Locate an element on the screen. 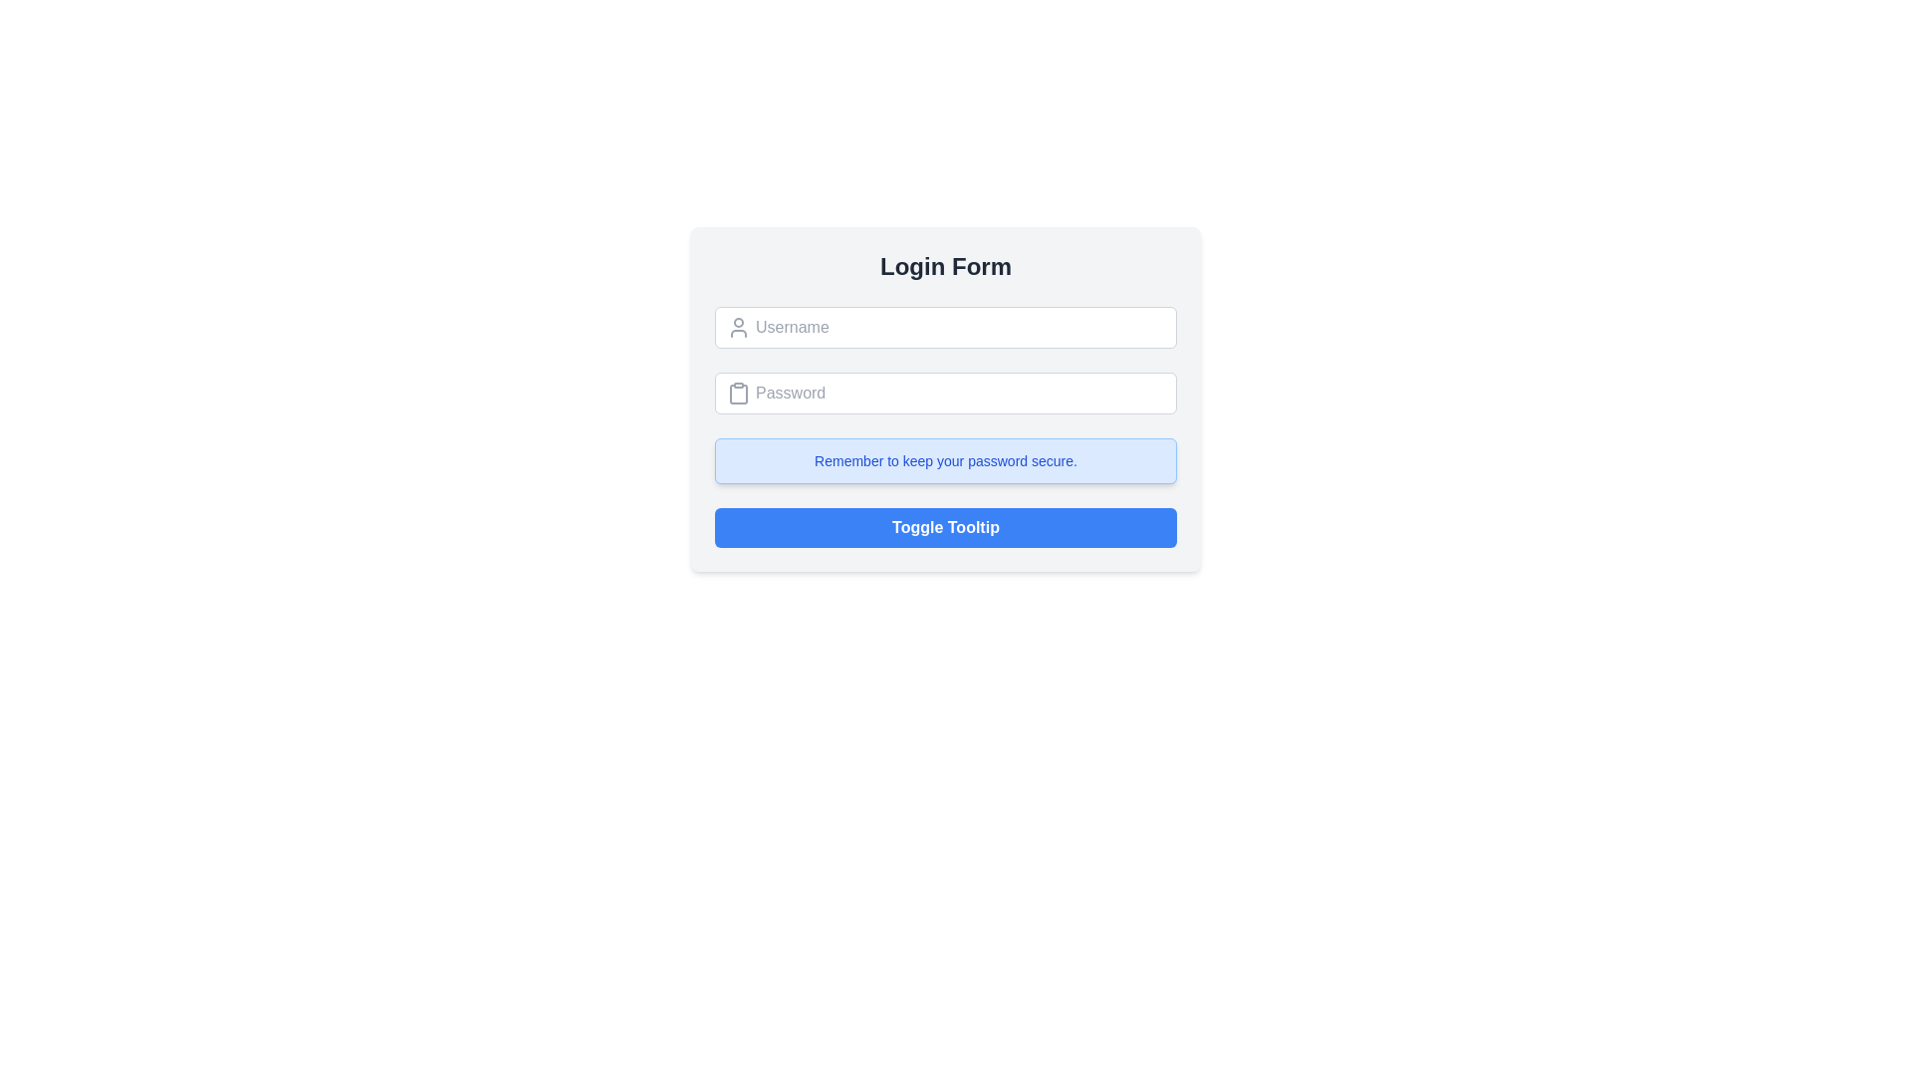 Image resolution: width=1912 pixels, height=1076 pixels. the visual indicator icon associated with the password input field, which is positioned to the left and slightly above the center of the password input area is located at coordinates (738, 393).